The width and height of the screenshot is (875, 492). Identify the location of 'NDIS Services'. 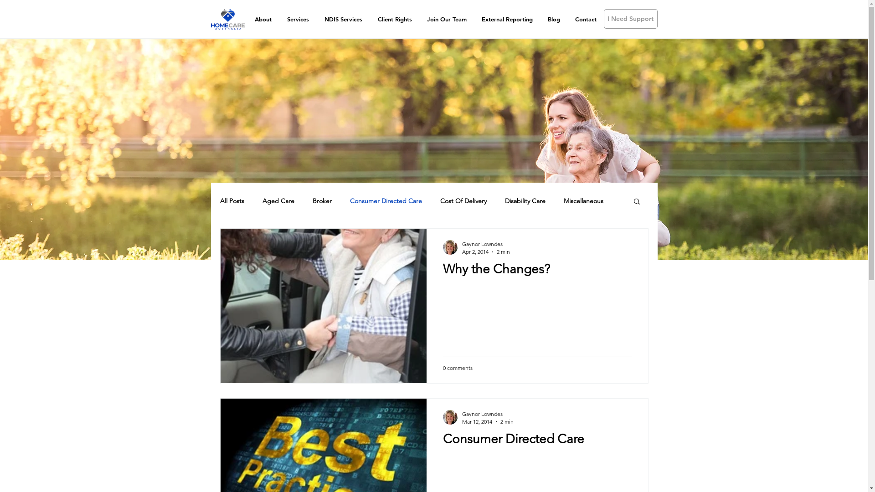
(342, 19).